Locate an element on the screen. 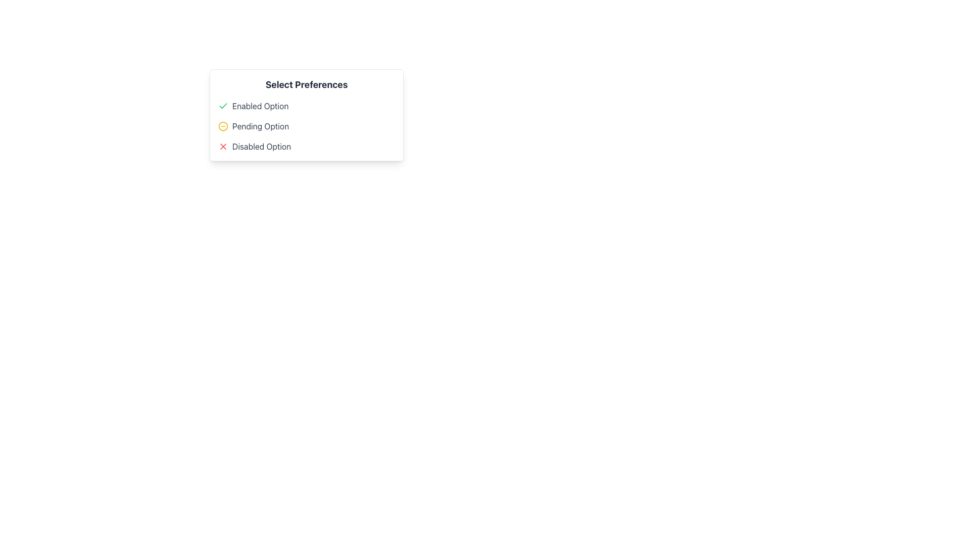 The width and height of the screenshot is (970, 546). the yellow circular icon with a horizontal line in the center, located next to the text 'Pending Option' is located at coordinates (222, 126).